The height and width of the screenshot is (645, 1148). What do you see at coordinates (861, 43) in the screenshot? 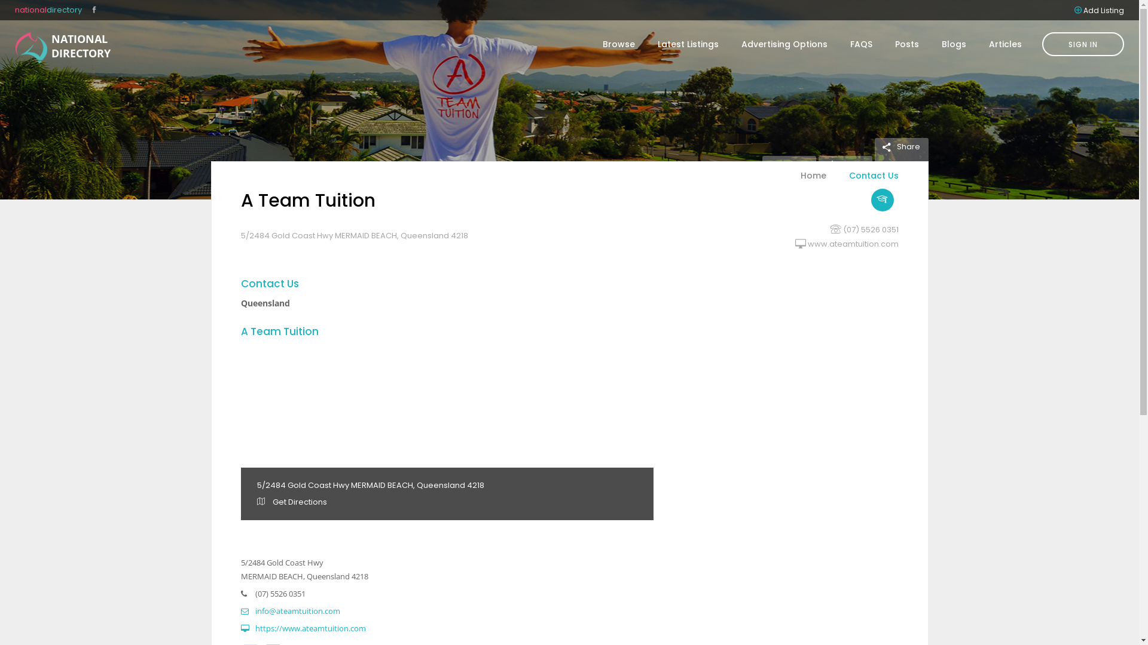
I see `'FAQS'` at bounding box center [861, 43].